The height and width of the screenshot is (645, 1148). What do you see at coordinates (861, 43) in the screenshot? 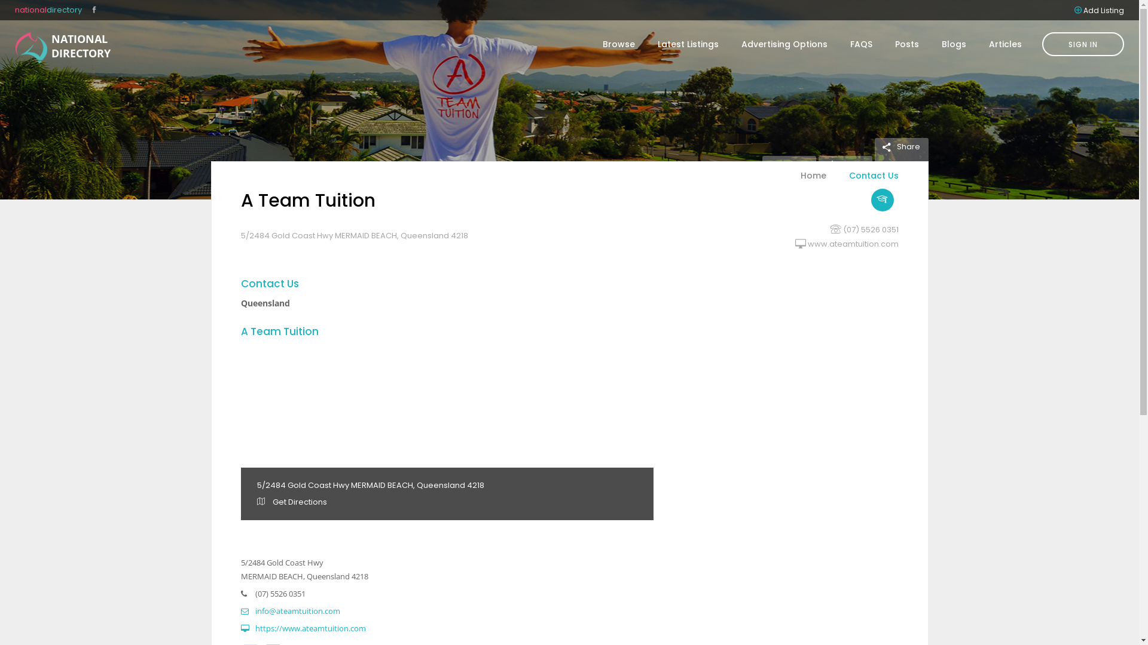
I see `'FAQS'` at bounding box center [861, 43].